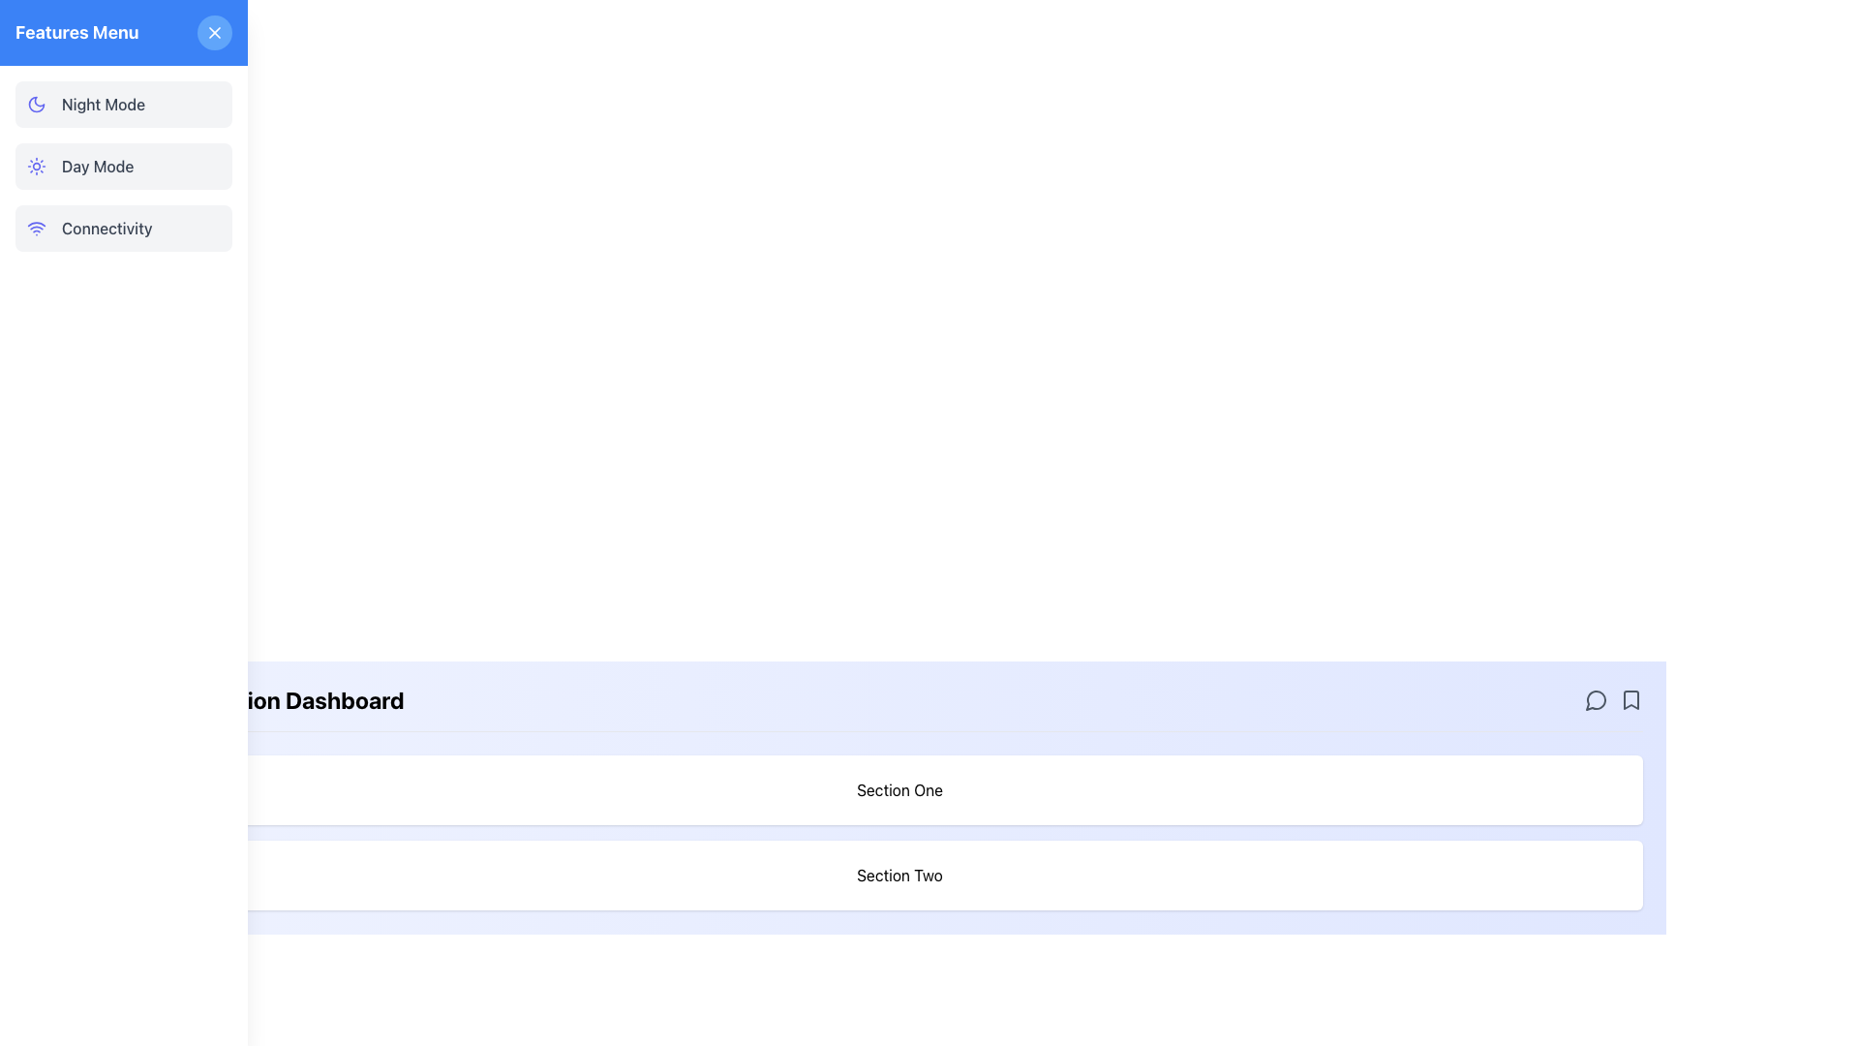  What do you see at coordinates (1630, 699) in the screenshot?
I see `the small bookmark SVG icon outlined in dark gray located in the top-right corner of the lower blue section of the interface` at bounding box center [1630, 699].